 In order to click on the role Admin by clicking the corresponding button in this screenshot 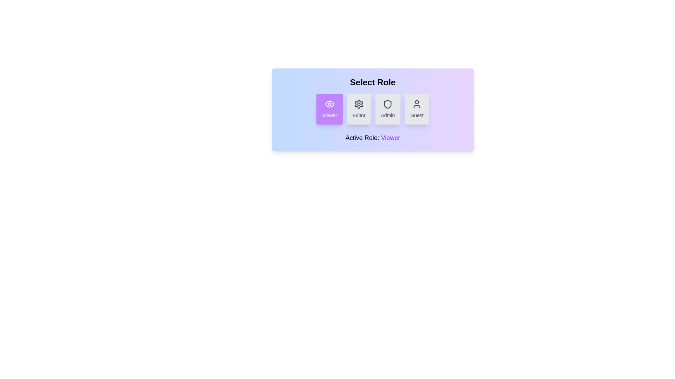, I will do `click(387, 109)`.